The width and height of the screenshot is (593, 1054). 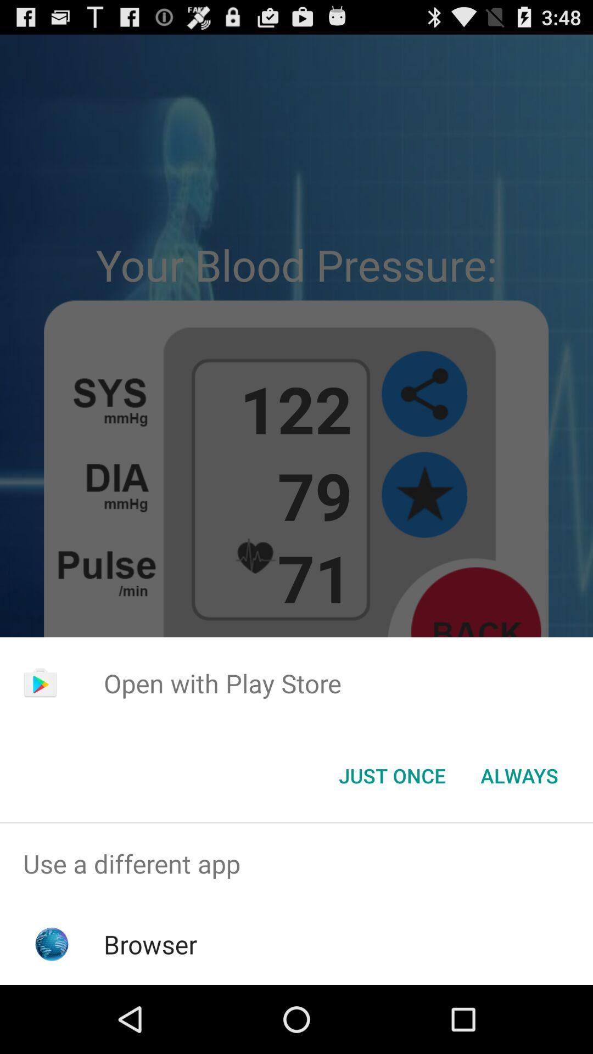 I want to click on the use a different icon, so click(x=296, y=863).